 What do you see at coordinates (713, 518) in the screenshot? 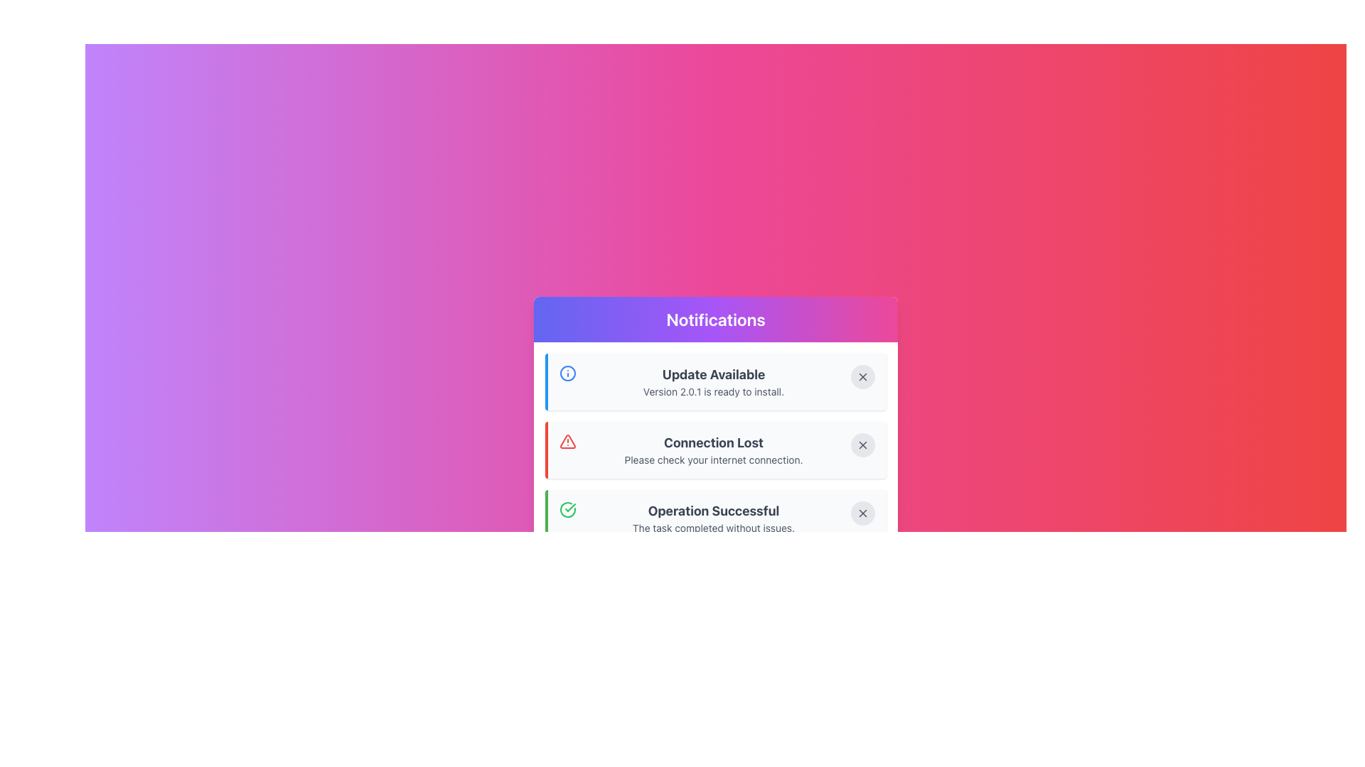
I see `notification displaying 'Operation Successful' and 'The task completed without issues' located within the notification card at the bottom of the notifications stack` at bounding box center [713, 518].